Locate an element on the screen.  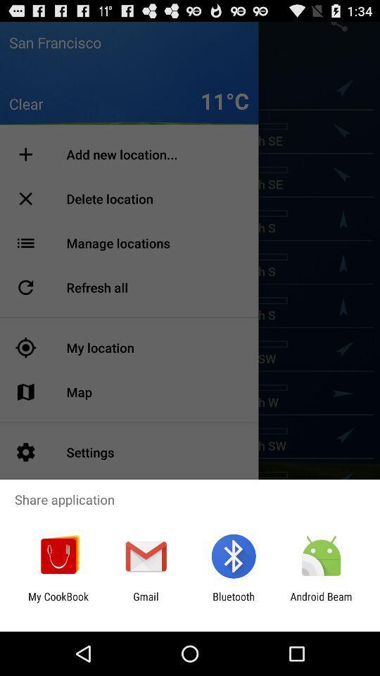
icon to the right of bluetooth item is located at coordinates (321, 602).